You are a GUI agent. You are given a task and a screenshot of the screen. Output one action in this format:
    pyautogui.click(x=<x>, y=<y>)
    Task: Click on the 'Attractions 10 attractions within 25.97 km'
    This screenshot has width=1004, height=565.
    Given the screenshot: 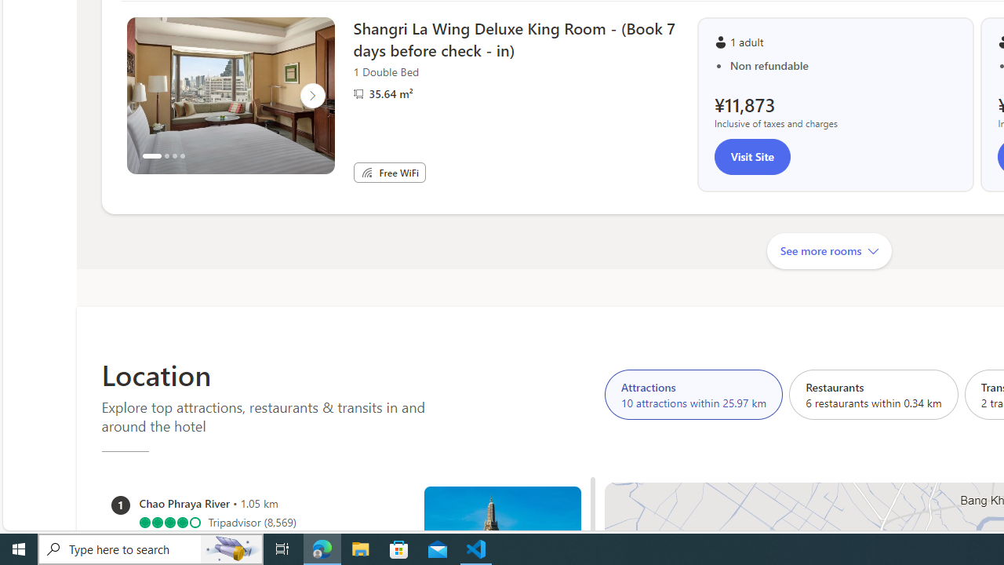 What is the action you would take?
    pyautogui.click(x=693, y=393)
    